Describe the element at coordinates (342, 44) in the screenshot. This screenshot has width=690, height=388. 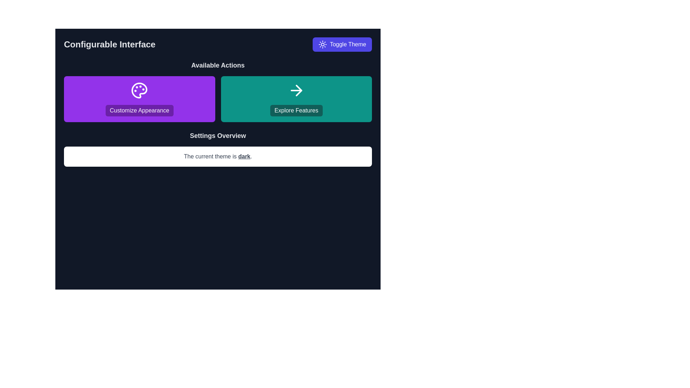
I see `the theme toggle button located in the top-right corner of the interface, adjacent to the header text 'Configurable Interface', to switch between light and dark modes` at that location.